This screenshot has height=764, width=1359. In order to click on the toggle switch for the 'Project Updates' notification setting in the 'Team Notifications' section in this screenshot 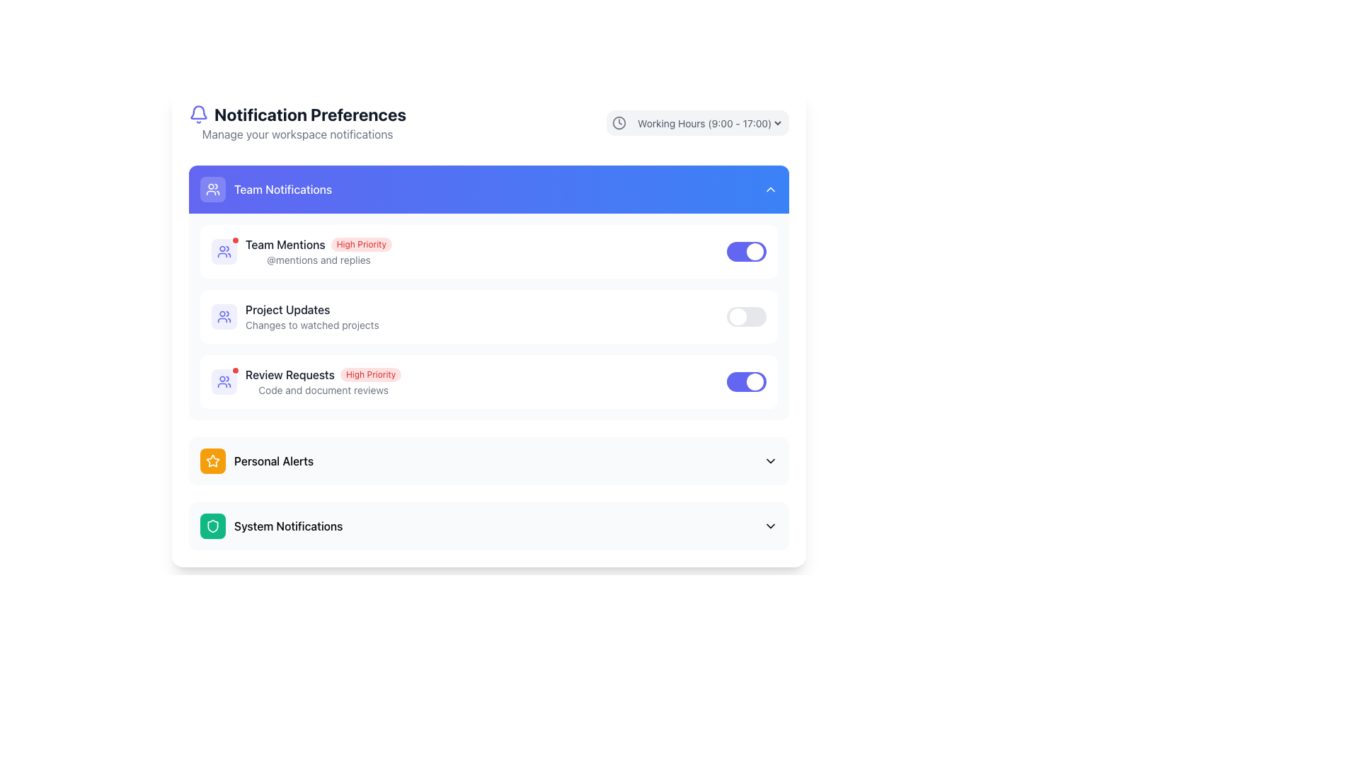, I will do `click(489, 316)`.